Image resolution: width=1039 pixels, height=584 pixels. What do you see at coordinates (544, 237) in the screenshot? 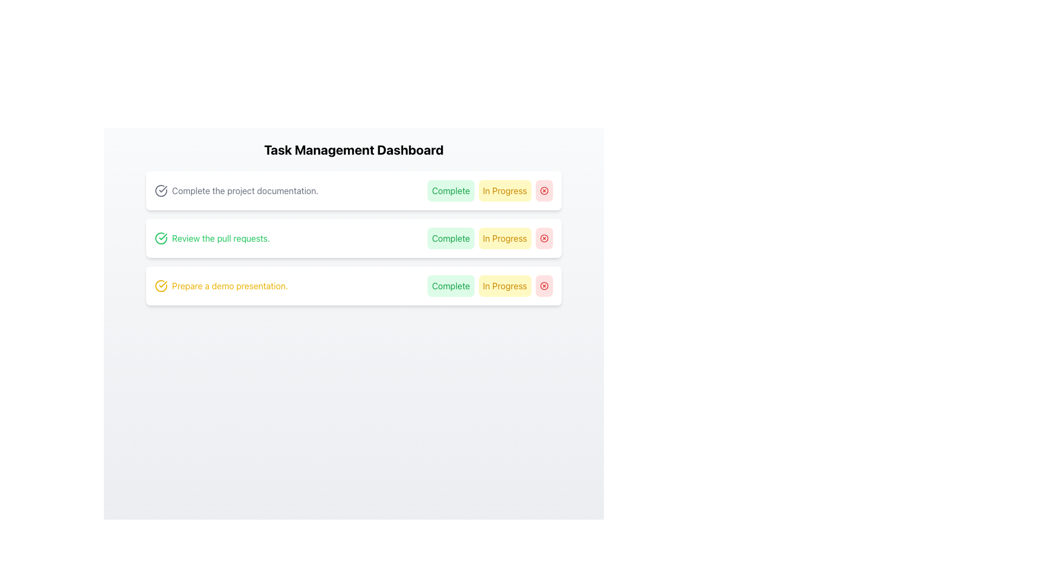
I see `the delete or cancel button associated with the third task entry in the vertically stacked task list` at bounding box center [544, 237].